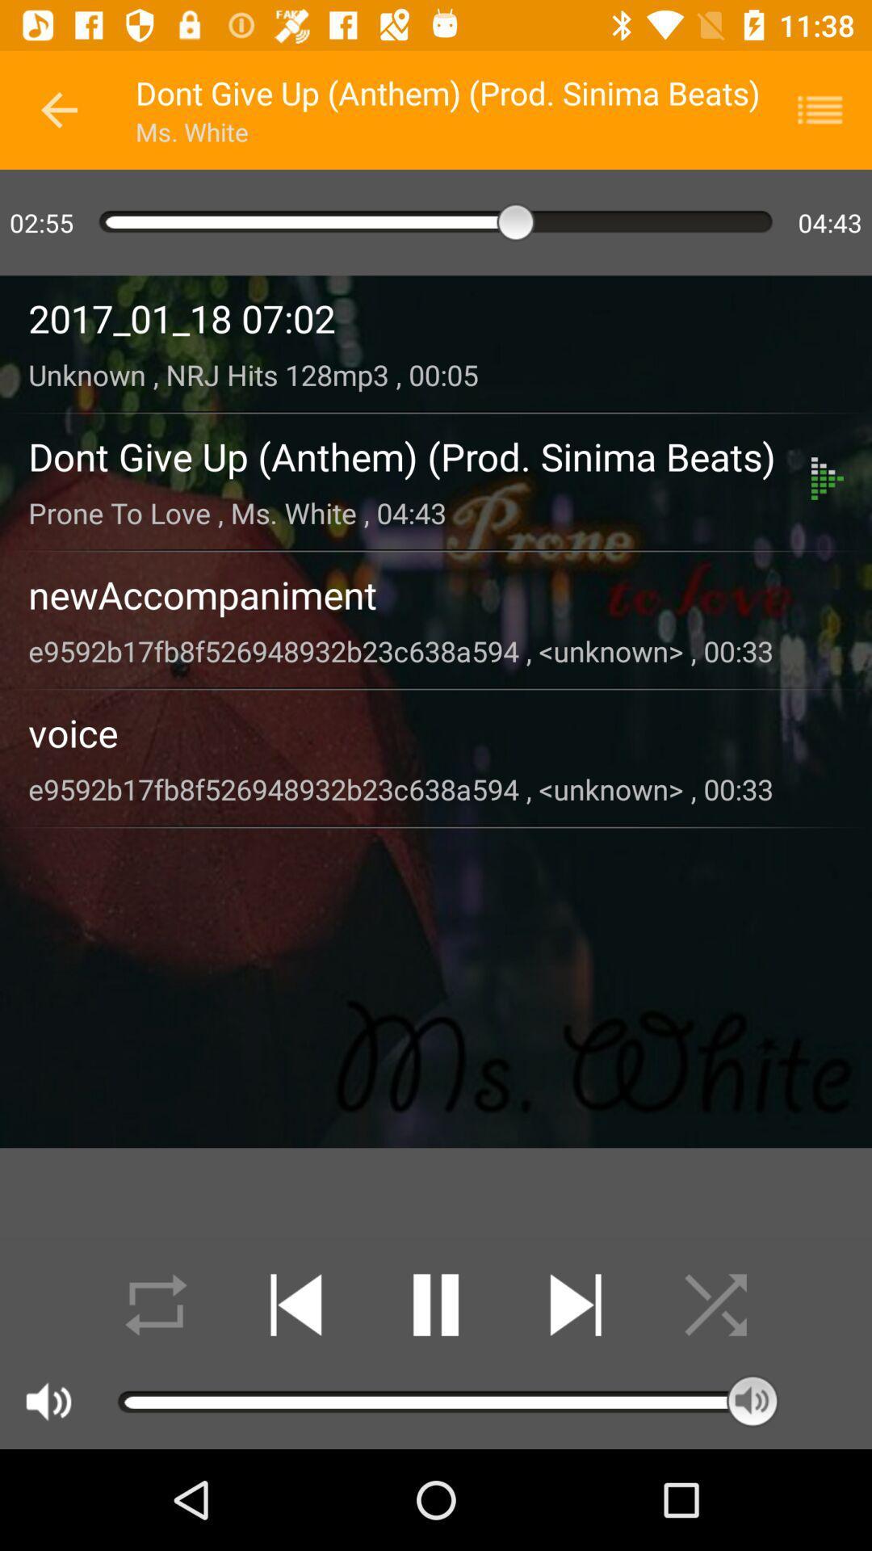  I want to click on pause the music, so click(436, 1305).